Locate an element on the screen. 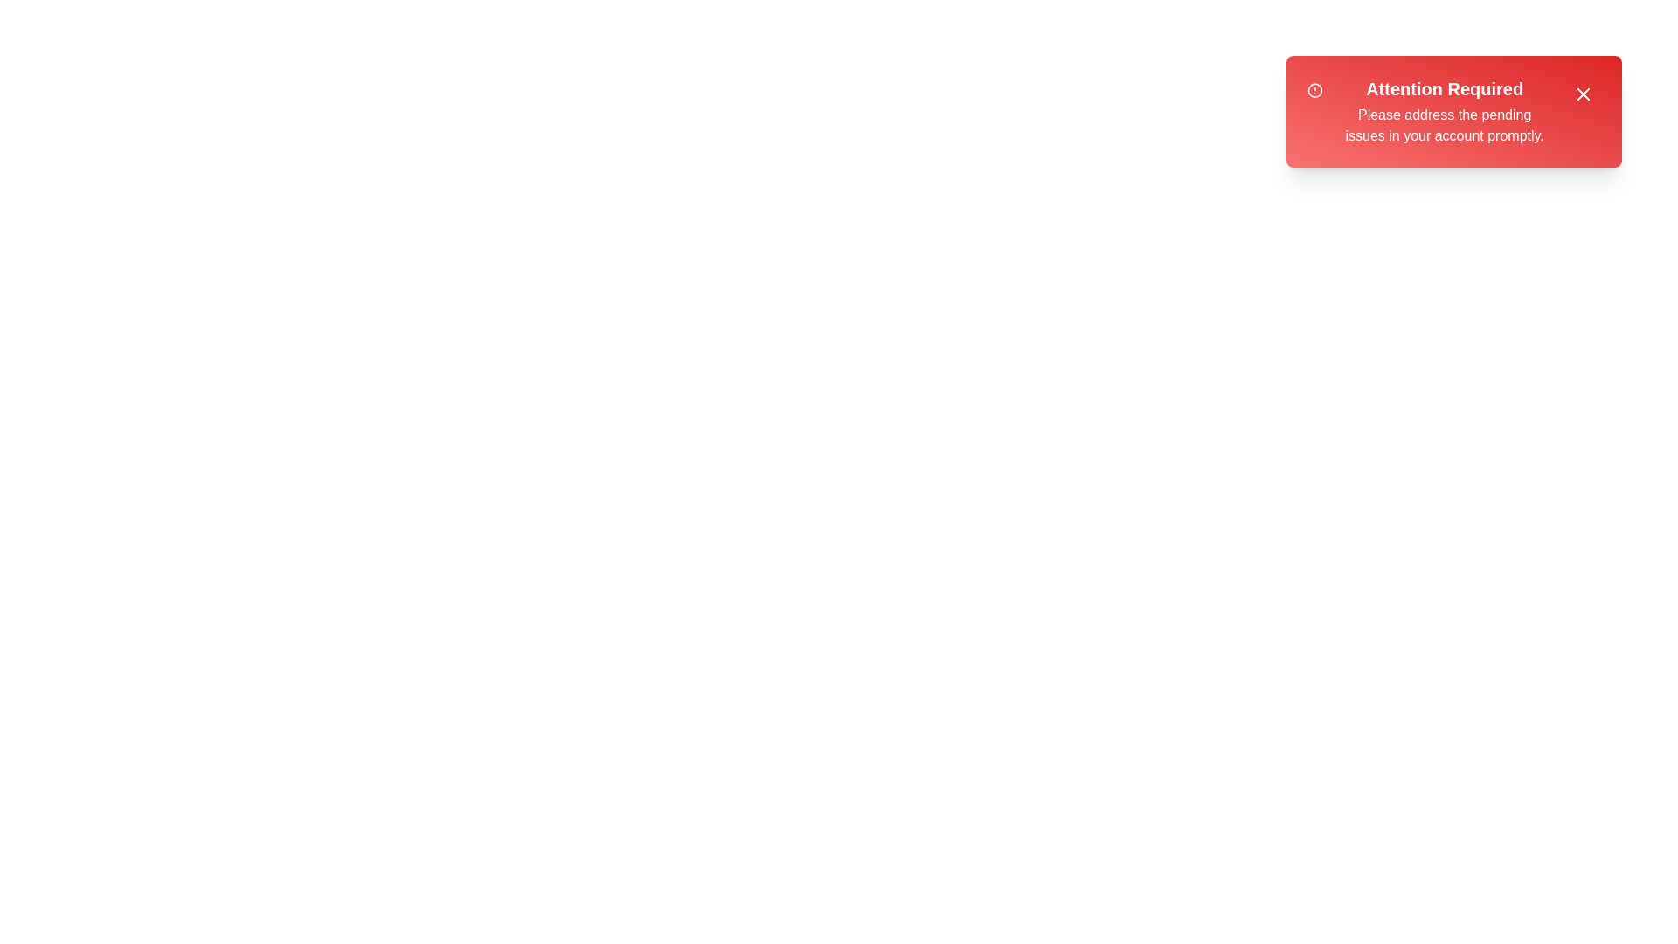 The width and height of the screenshot is (1678, 944). the alert title text to select it is located at coordinates (1444, 88).